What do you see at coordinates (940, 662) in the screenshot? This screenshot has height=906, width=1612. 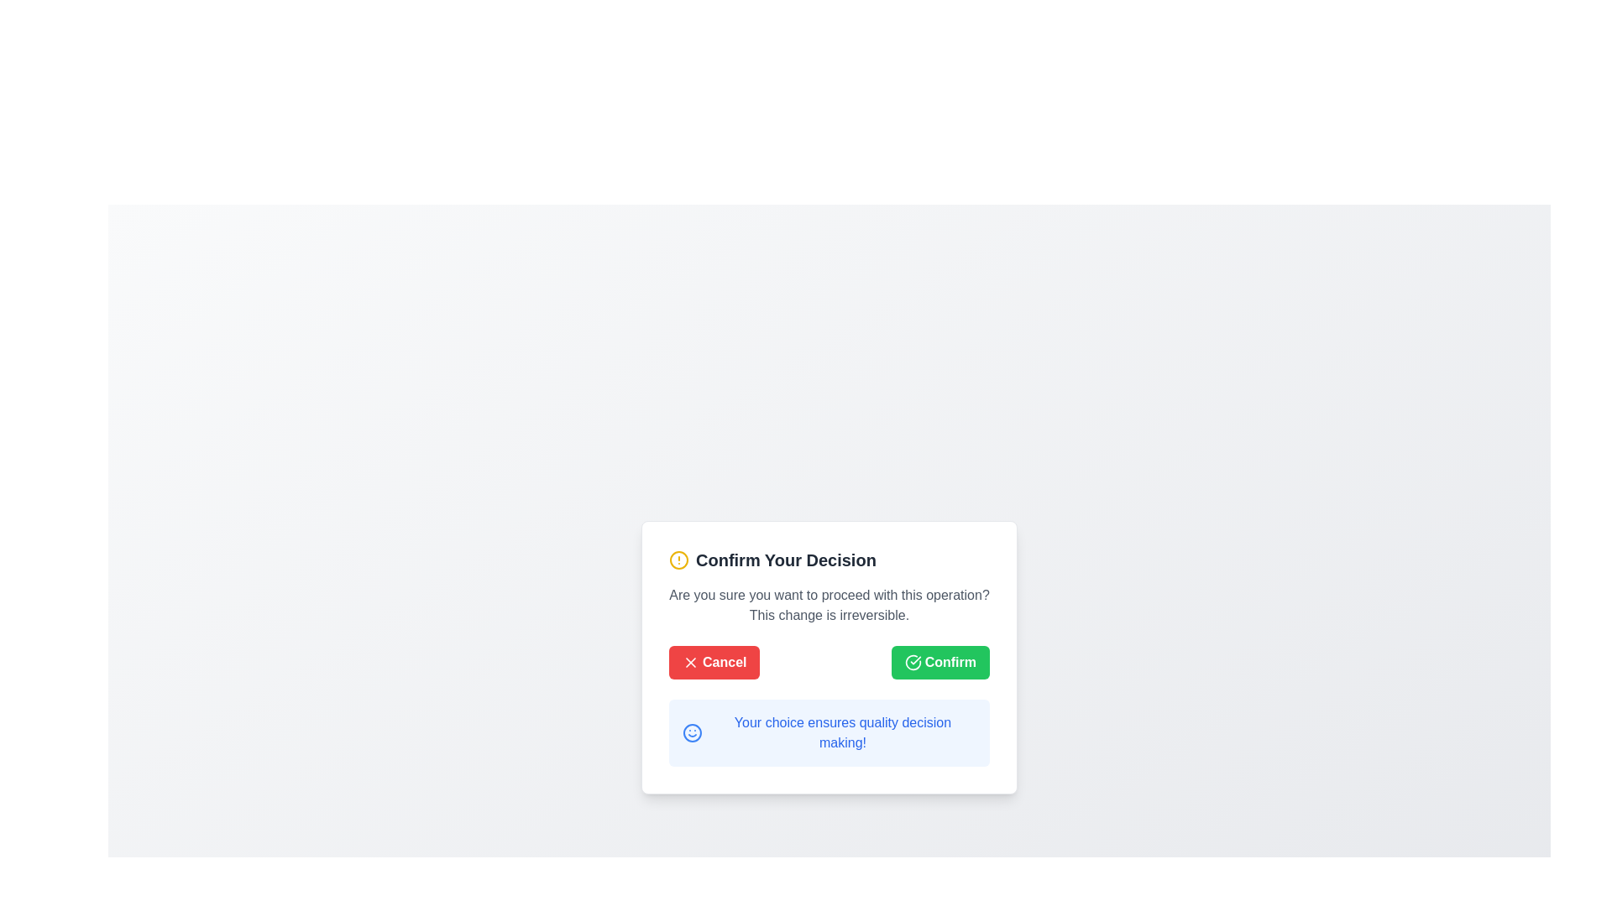 I see `the 'Confirm' button` at bounding box center [940, 662].